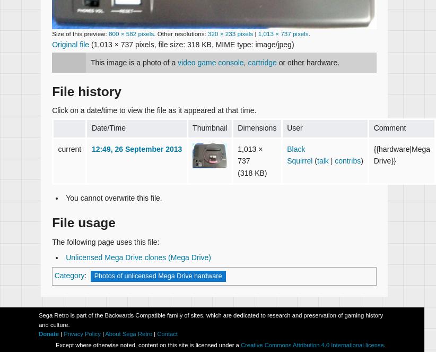 The width and height of the screenshot is (436, 352). Describe the element at coordinates (147, 345) in the screenshot. I see `'Except where otherwise noted, content on this site is licensed under a'` at that location.